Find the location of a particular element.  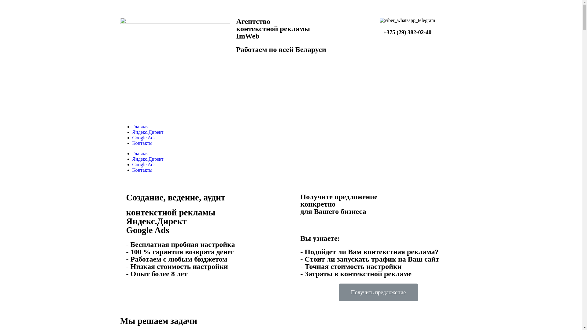

'viber_whatsapp_telegram' is located at coordinates (407, 20).